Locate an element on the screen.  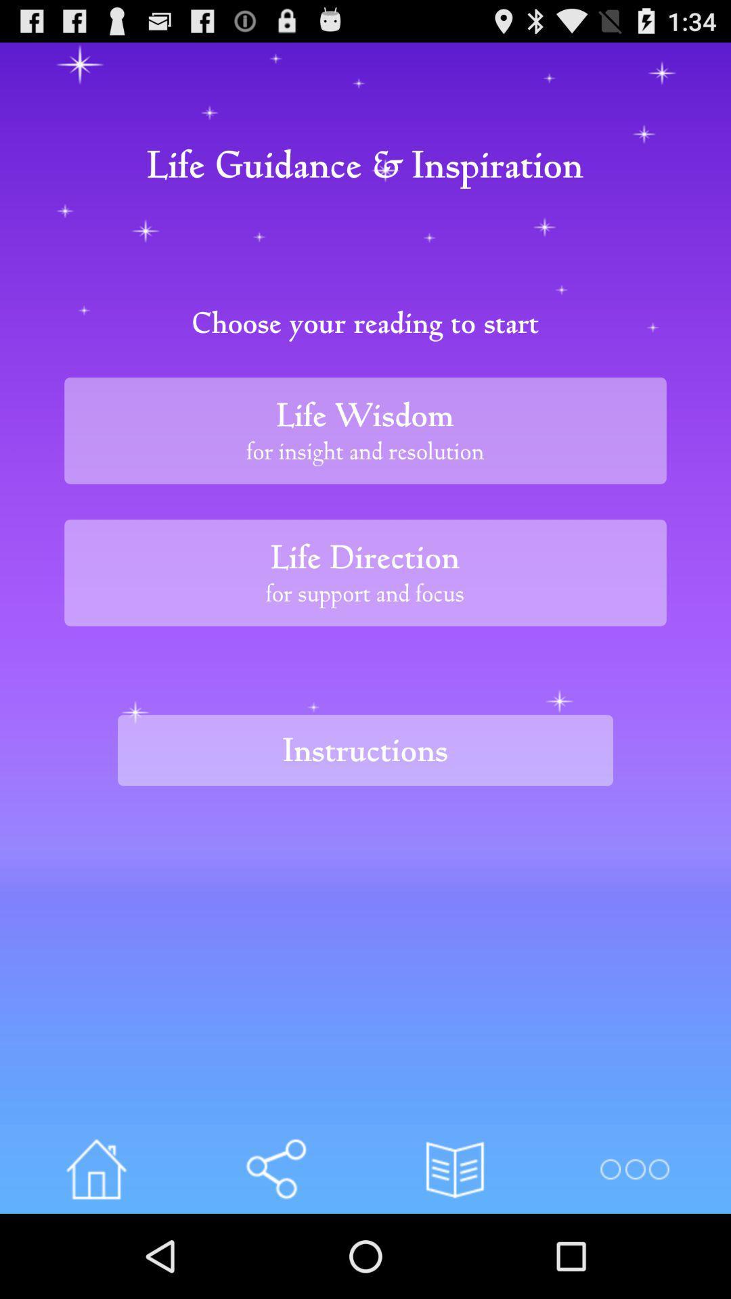
icon below instructions is located at coordinates (634, 1168).